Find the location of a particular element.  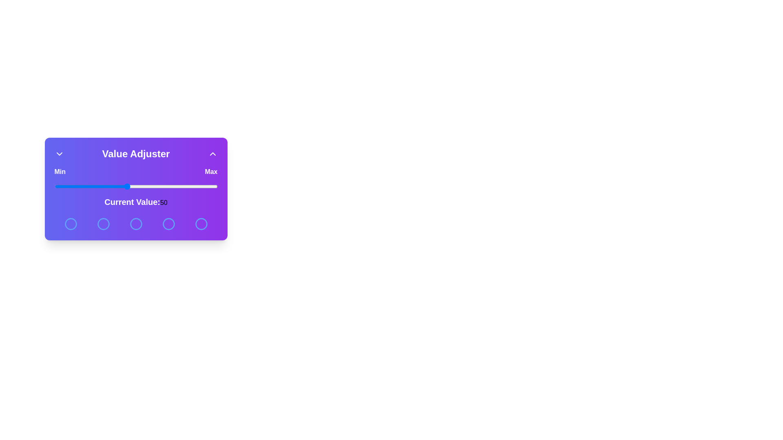

the circular button corresponding to 2 is located at coordinates (103, 224).